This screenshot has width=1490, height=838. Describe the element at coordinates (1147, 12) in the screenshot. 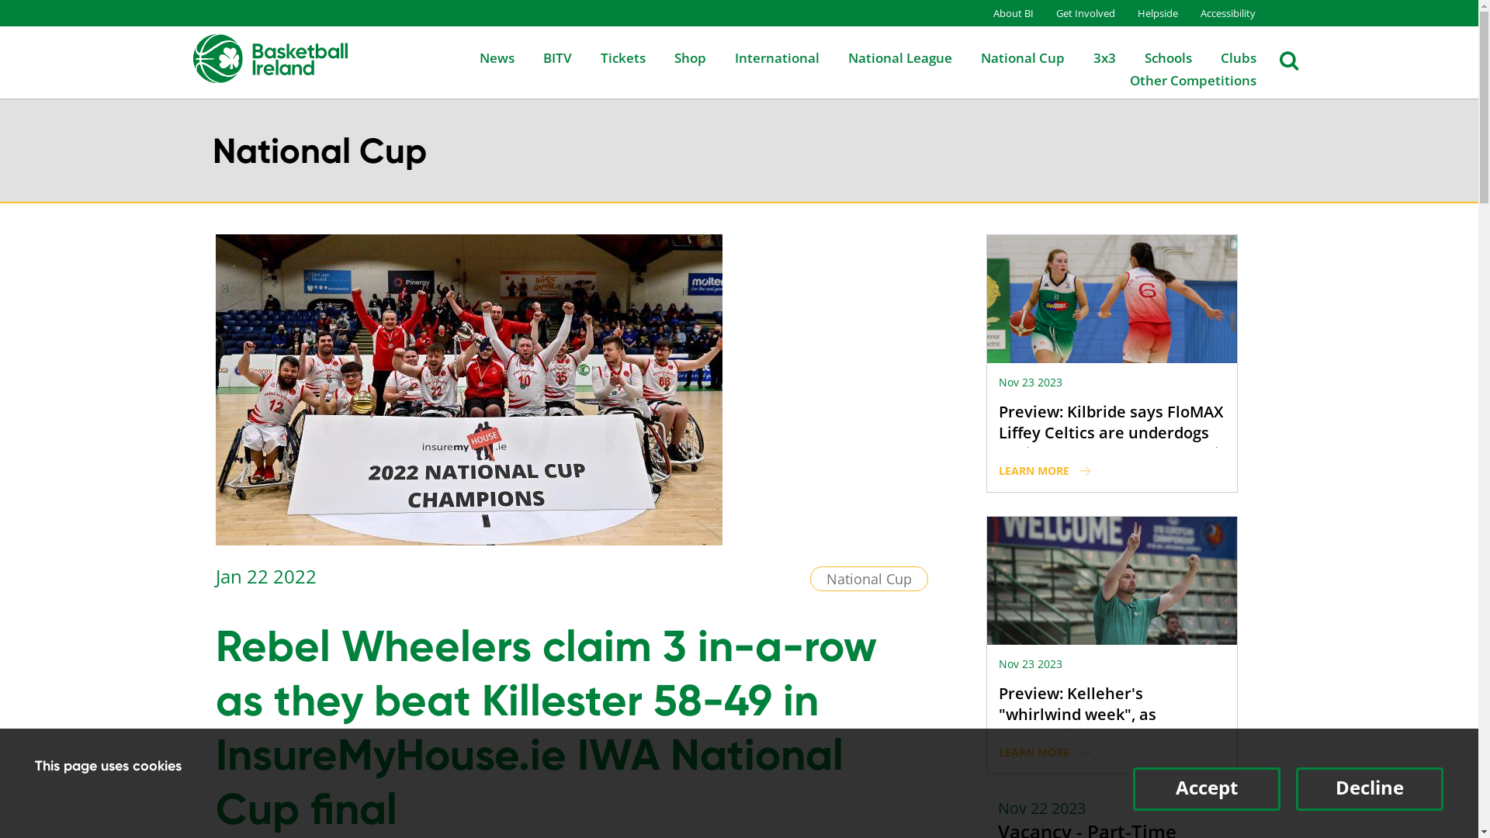

I see `'Helpside'` at that location.